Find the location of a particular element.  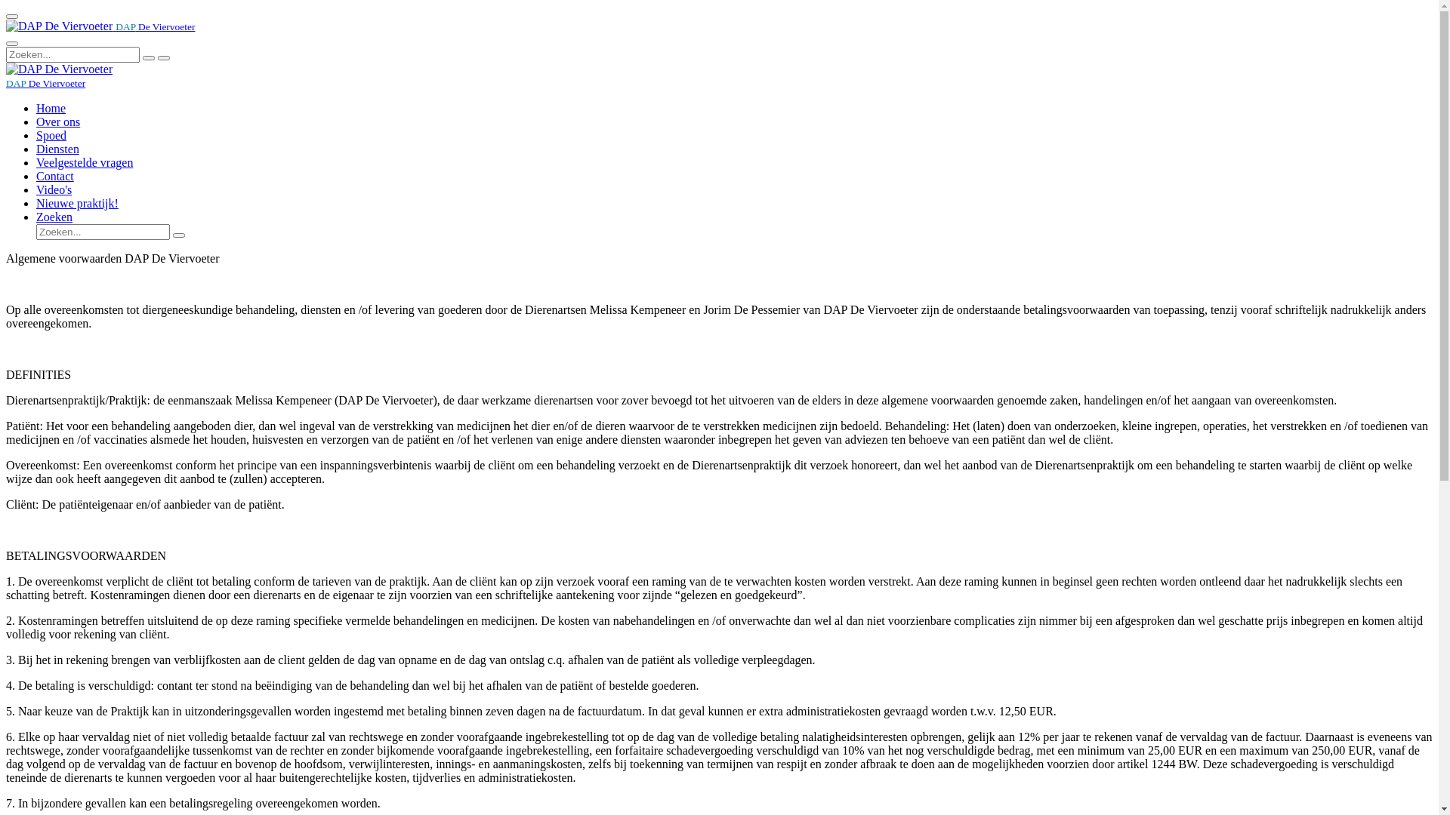

'Diensten' is located at coordinates (57, 149).